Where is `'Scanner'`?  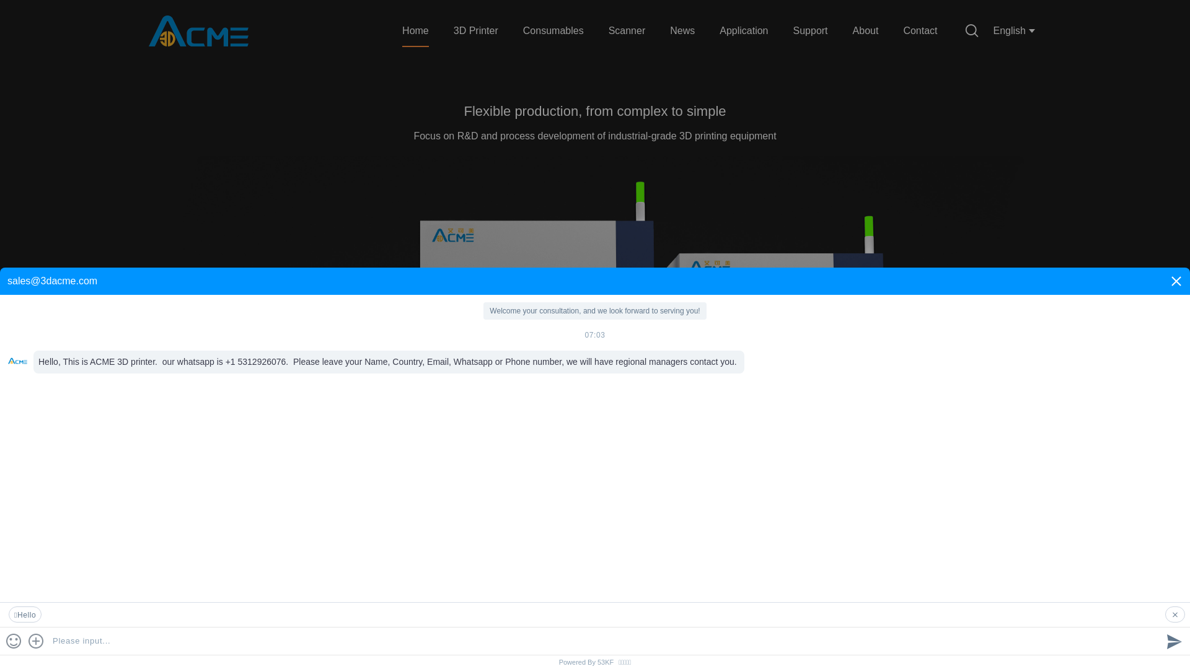 'Scanner' is located at coordinates (596, 30).